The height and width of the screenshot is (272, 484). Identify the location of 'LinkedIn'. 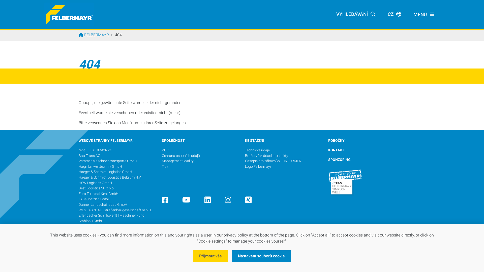
(207, 201).